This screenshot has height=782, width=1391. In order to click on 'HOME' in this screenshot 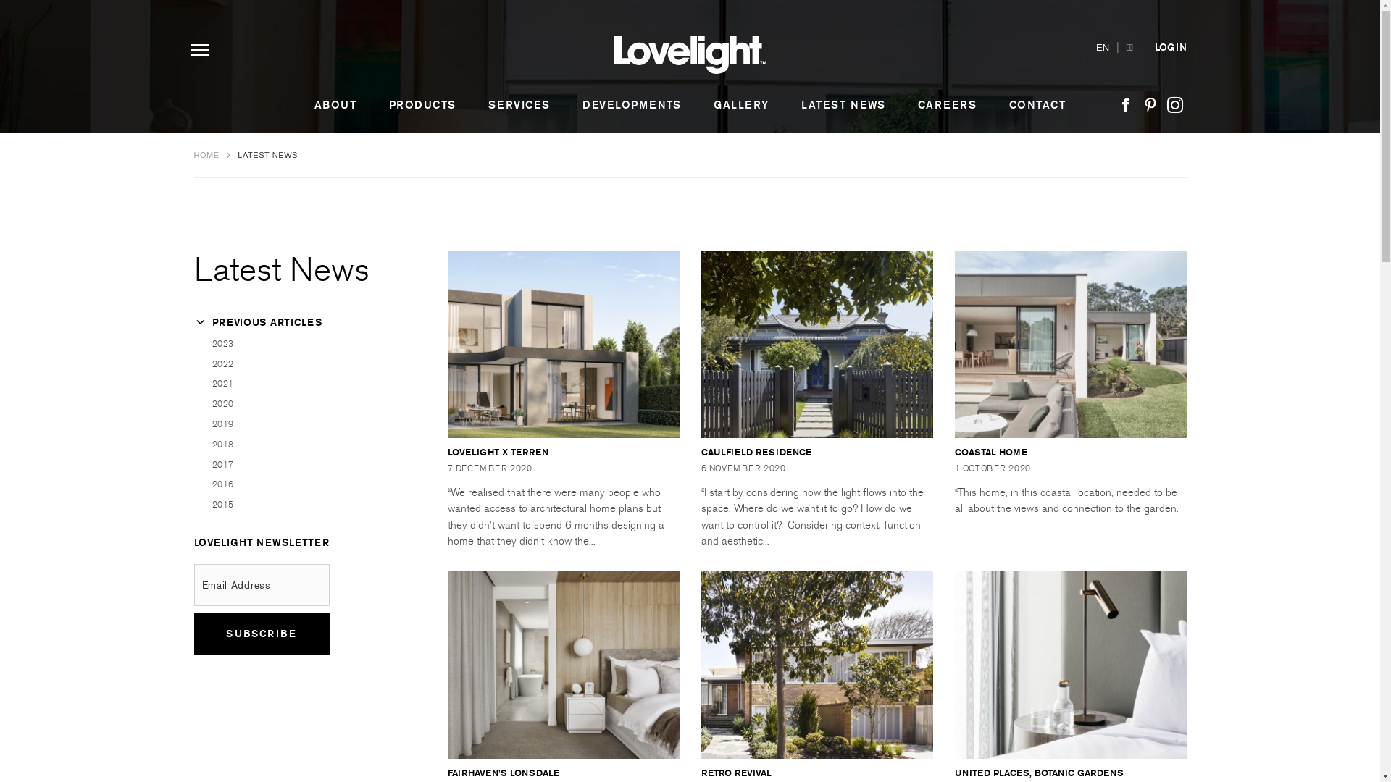, I will do `click(207, 154)`.